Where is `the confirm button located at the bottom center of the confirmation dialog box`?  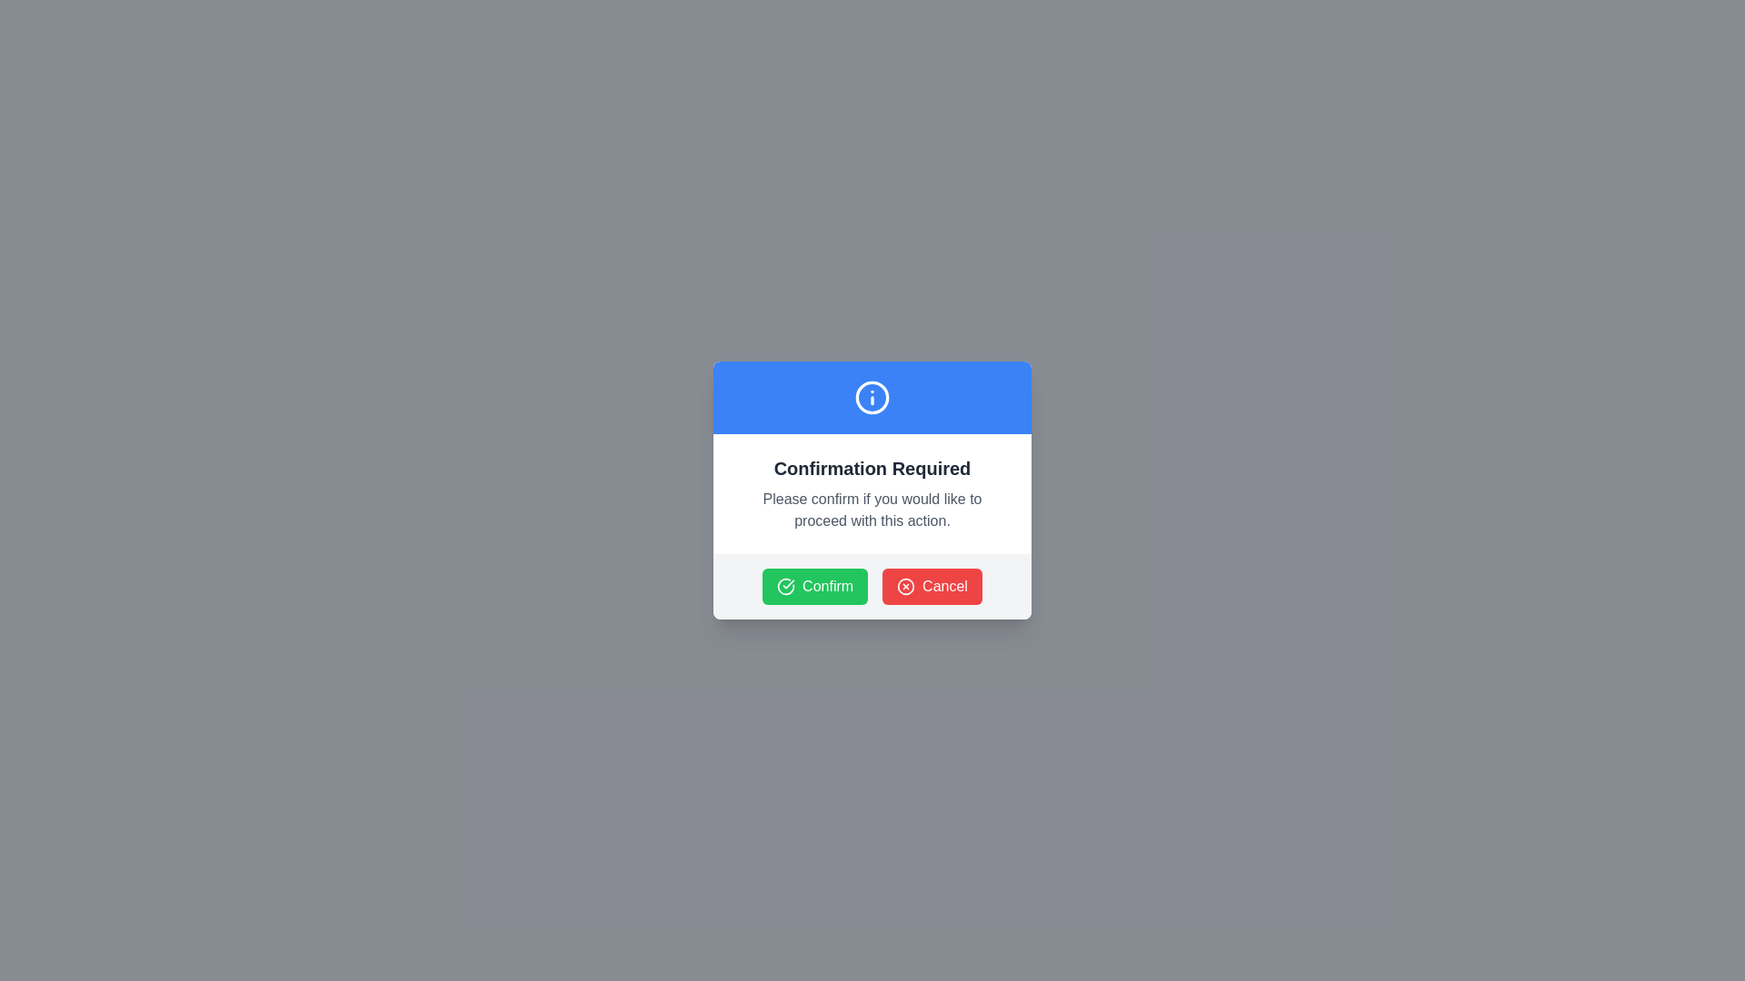 the confirm button located at the bottom center of the confirmation dialog box is located at coordinates (814, 586).